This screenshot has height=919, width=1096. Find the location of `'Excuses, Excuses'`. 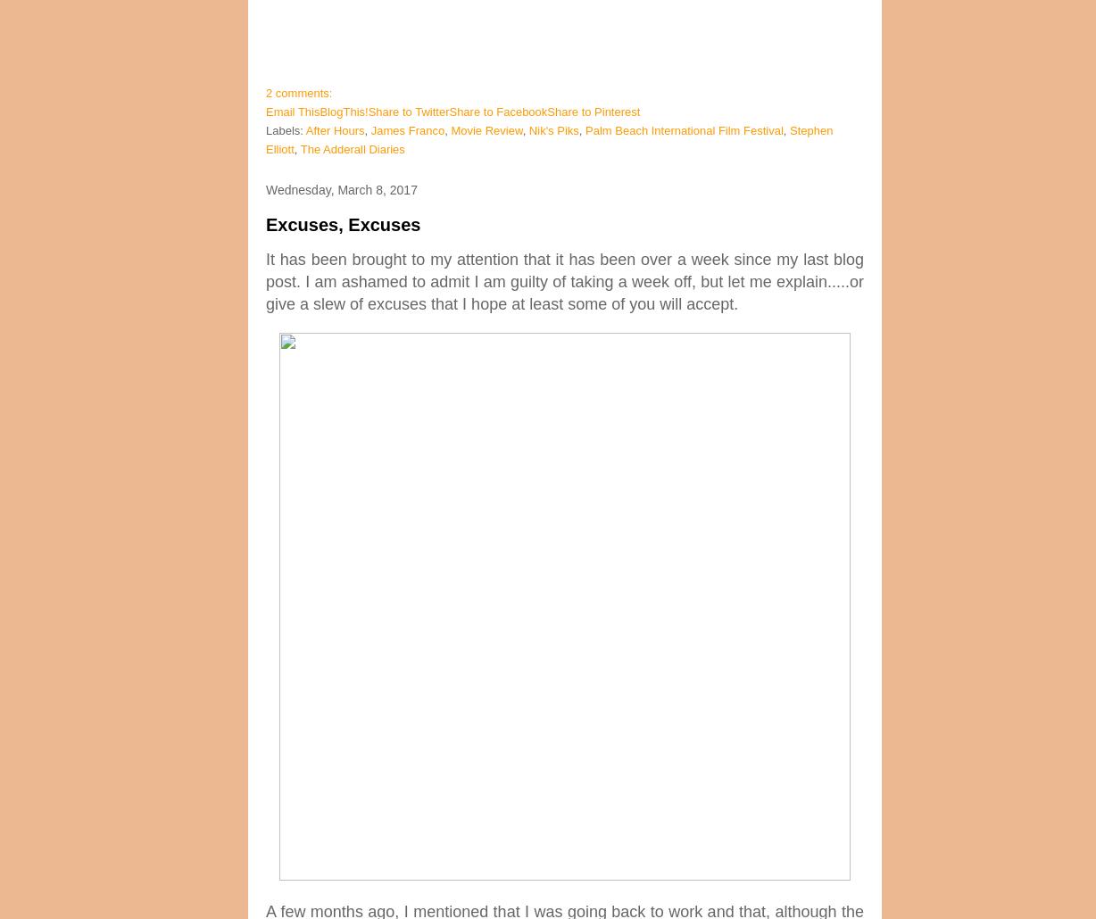

'Excuses, Excuses' is located at coordinates (343, 224).